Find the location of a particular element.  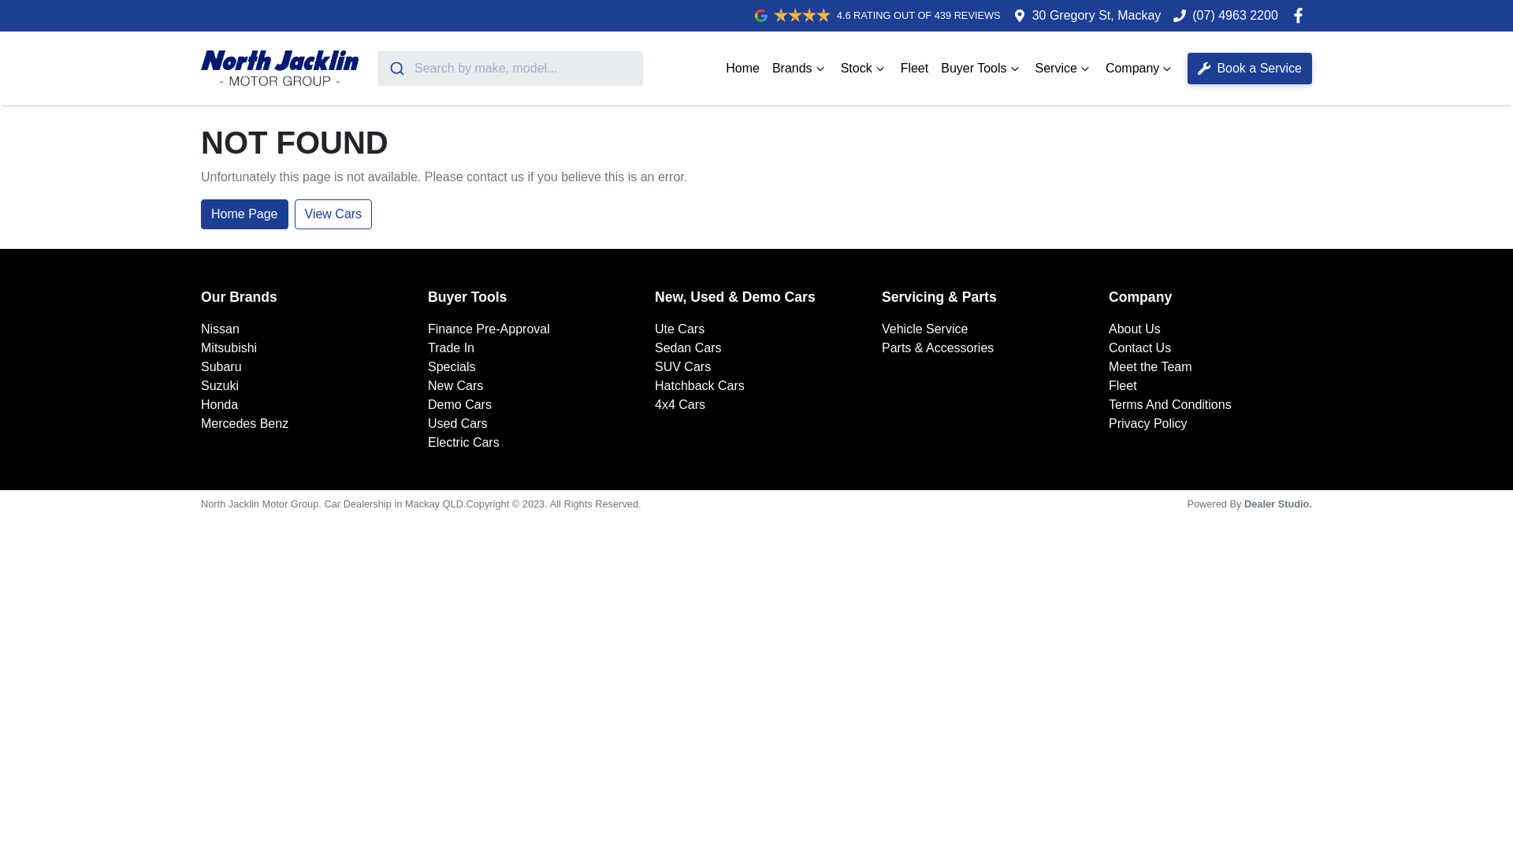

'Subaru' is located at coordinates (221, 366).